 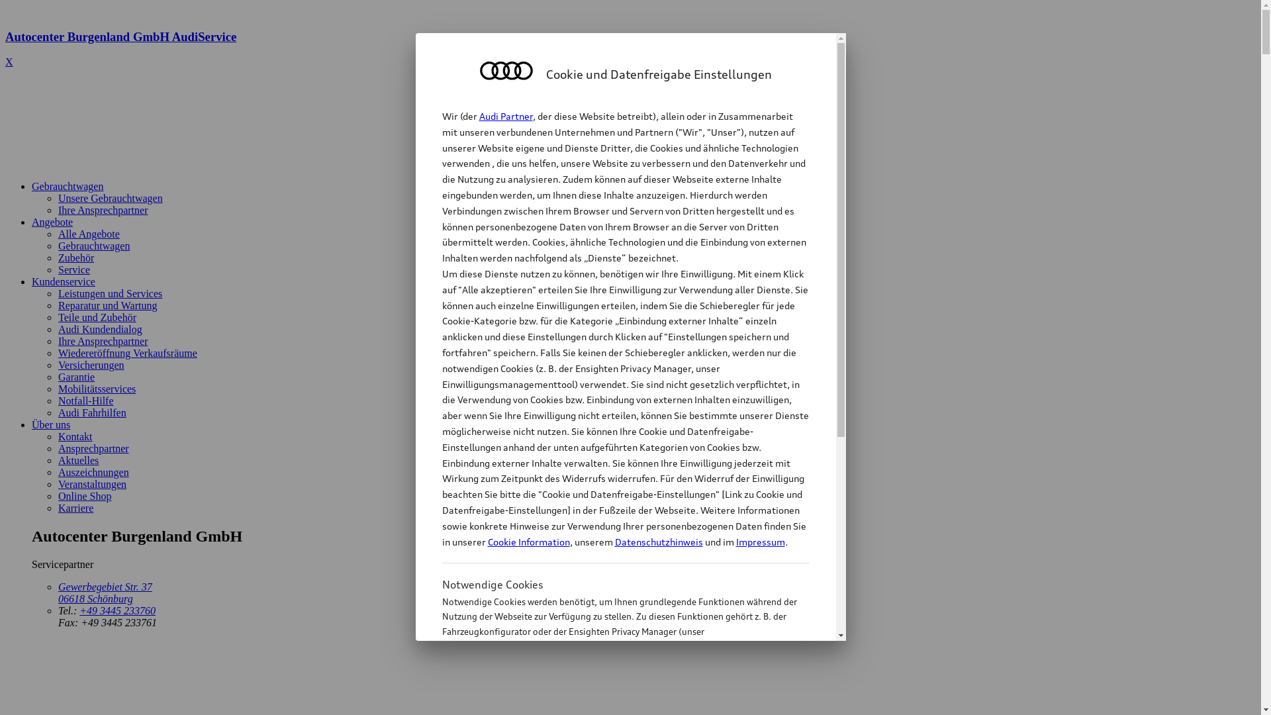 I want to click on 'Kontakt', so click(x=75, y=436).